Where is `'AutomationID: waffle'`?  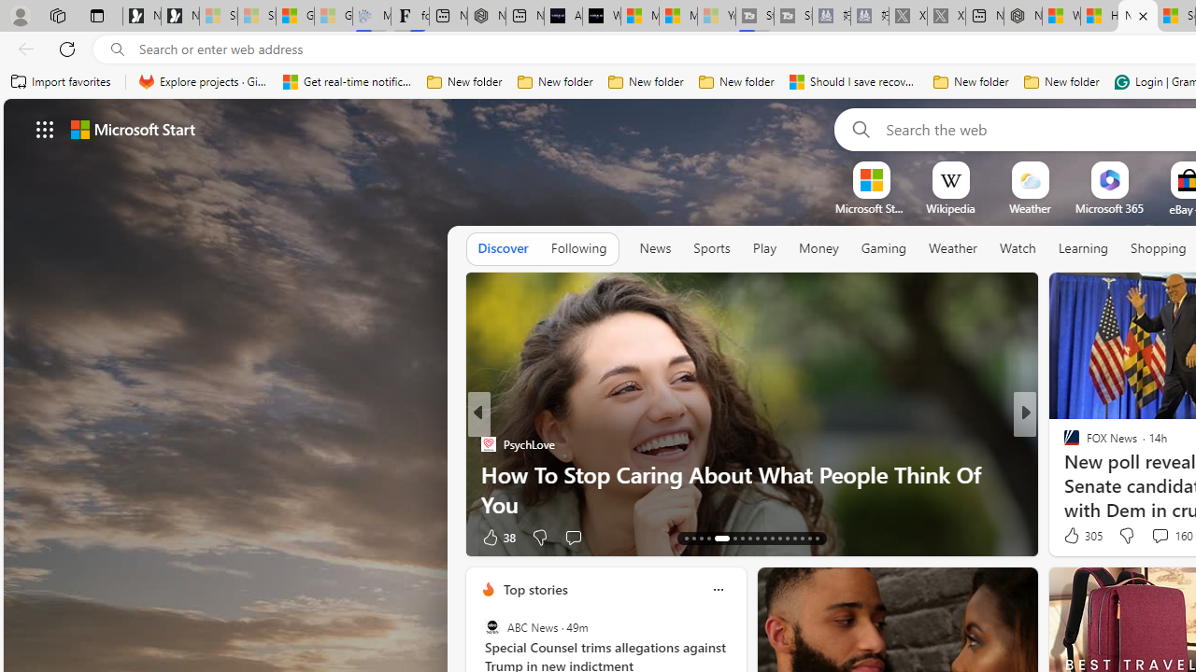 'AutomationID: waffle' is located at coordinates (45, 128).